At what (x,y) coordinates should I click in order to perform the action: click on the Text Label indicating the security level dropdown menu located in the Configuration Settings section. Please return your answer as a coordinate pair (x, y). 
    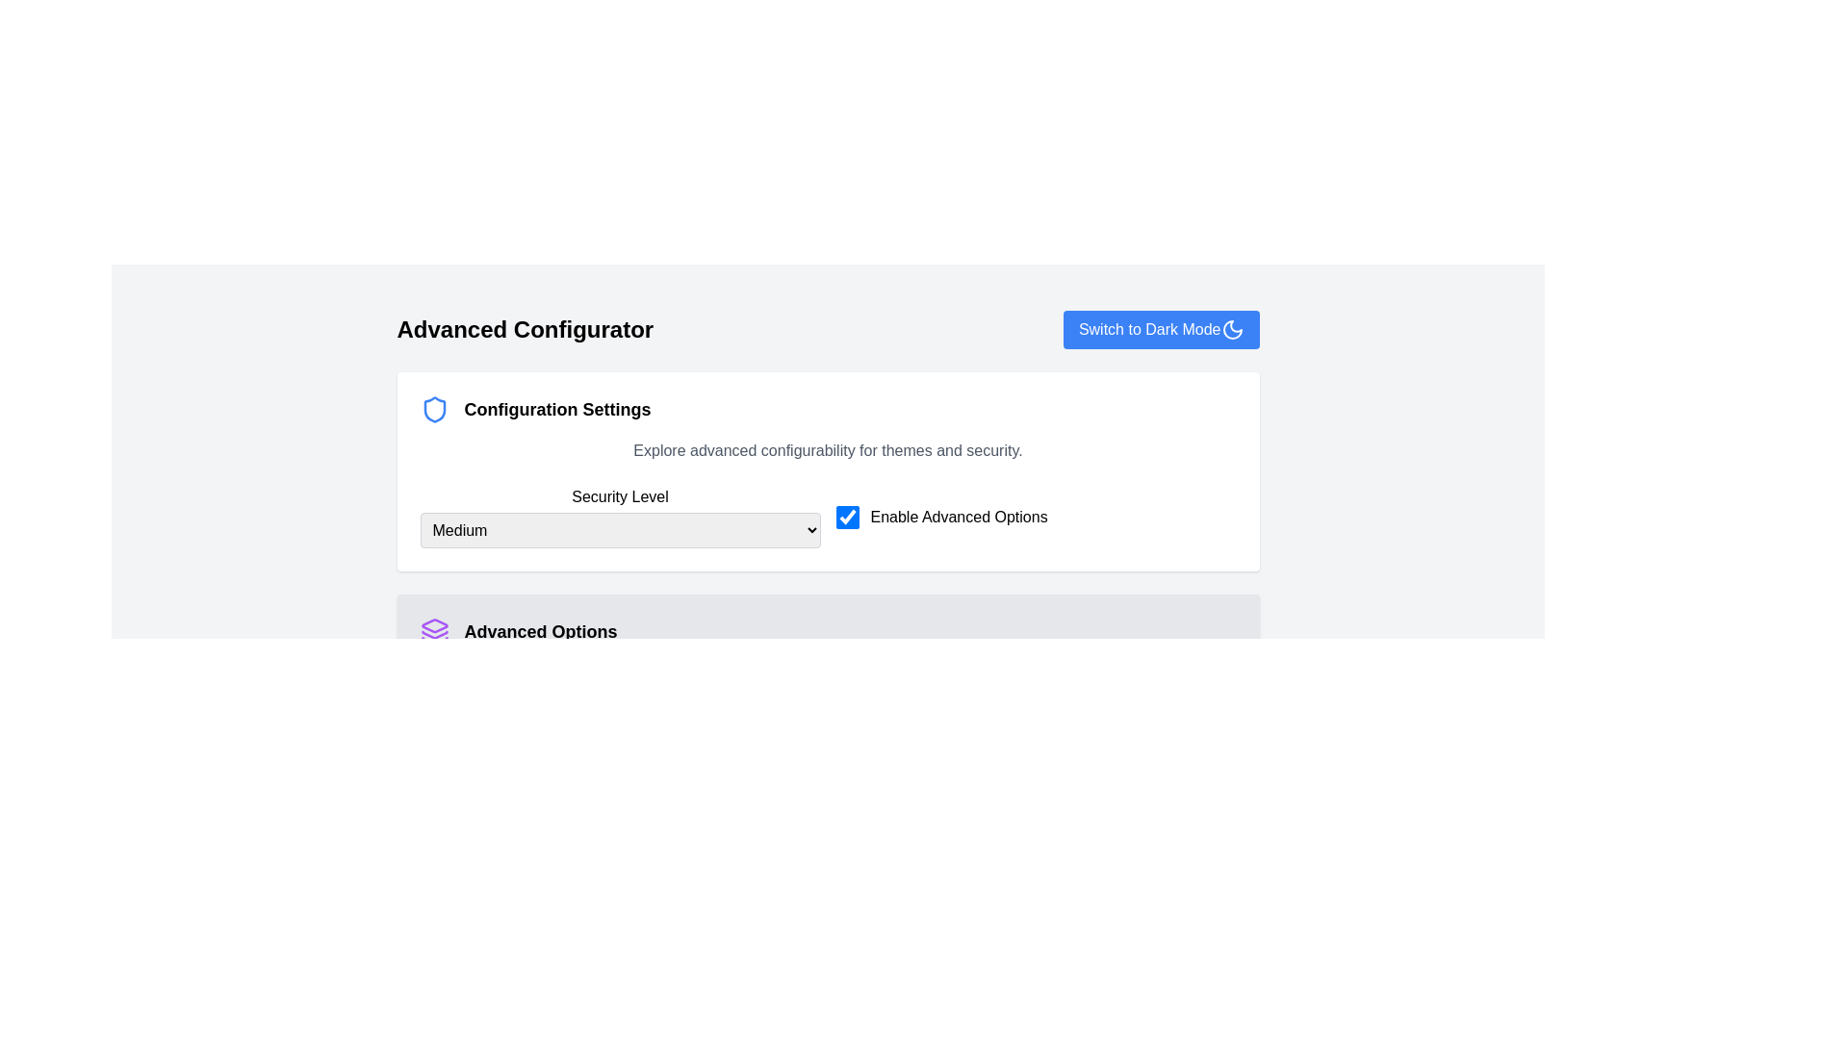
    Looking at the image, I should click on (620, 495).